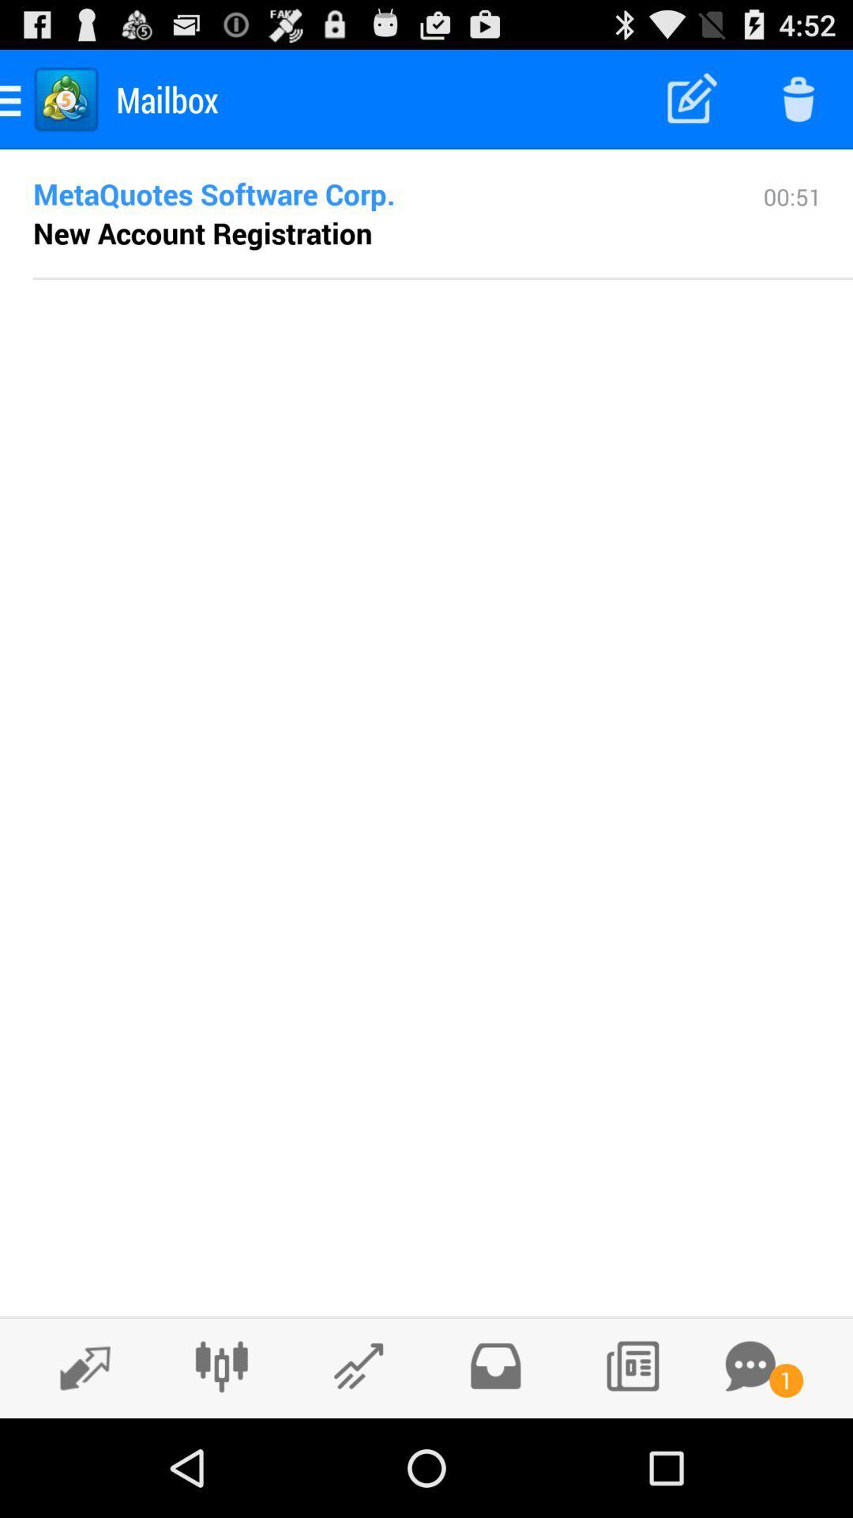 Image resolution: width=853 pixels, height=1518 pixels. What do you see at coordinates (792, 228) in the screenshot?
I see `icon to the right of the metaquotes software corp.` at bounding box center [792, 228].